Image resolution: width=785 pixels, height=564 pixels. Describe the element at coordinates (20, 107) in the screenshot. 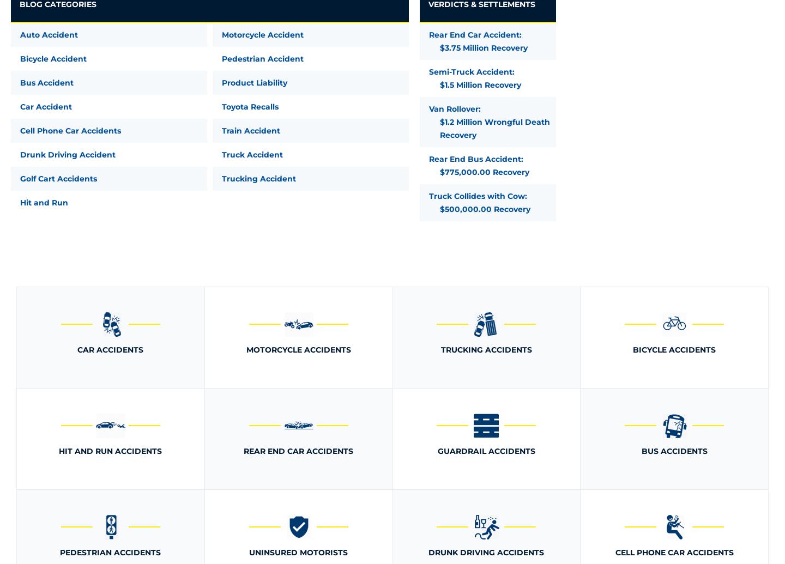

I see `'Car Accident'` at that location.